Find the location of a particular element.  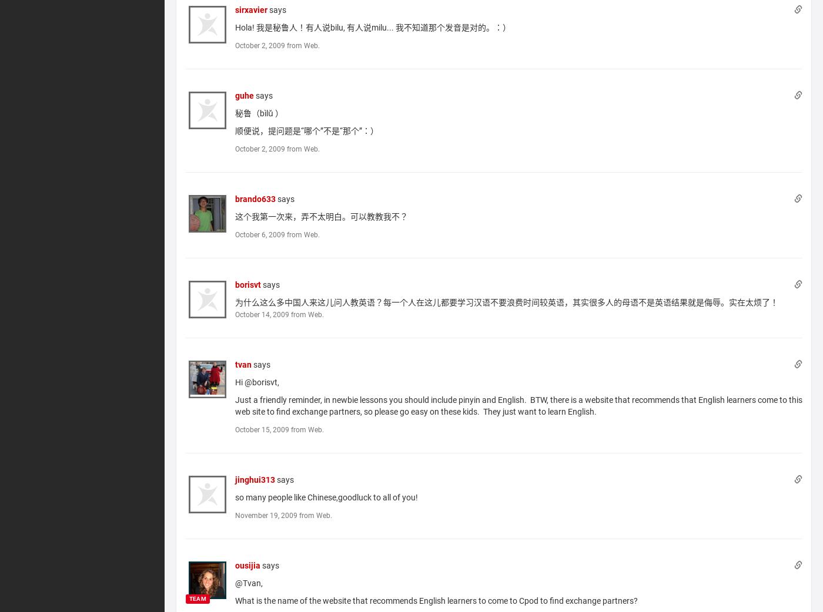

'borisvt' is located at coordinates (247, 284).